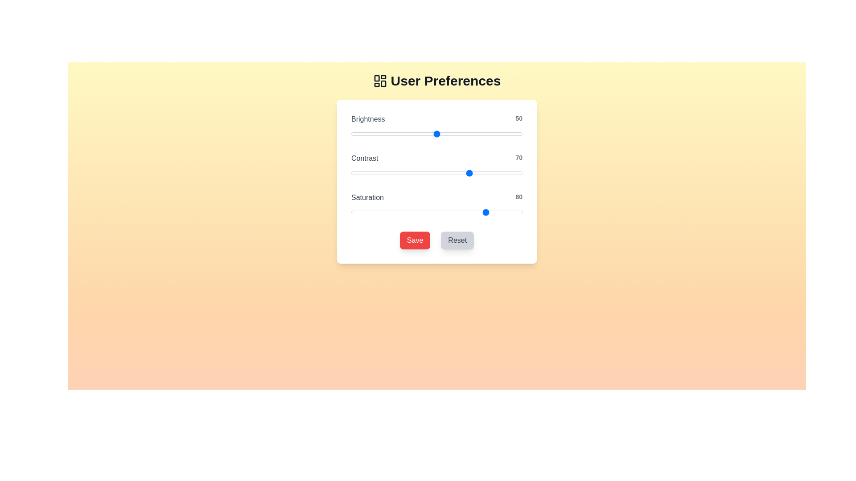 The width and height of the screenshot is (856, 481). What do you see at coordinates (447, 212) in the screenshot?
I see `the 'Saturation' slider to 56` at bounding box center [447, 212].